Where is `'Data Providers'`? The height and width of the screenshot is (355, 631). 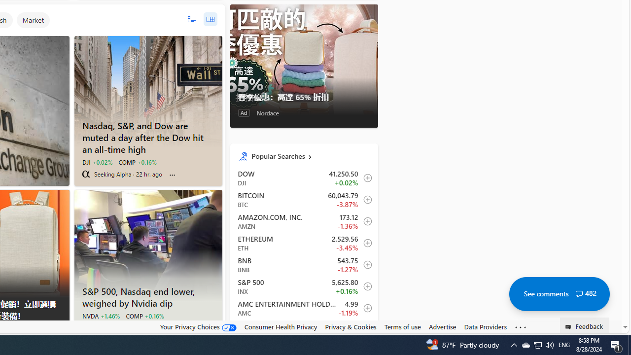 'Data Providers' is located at coordinates (485, 326).